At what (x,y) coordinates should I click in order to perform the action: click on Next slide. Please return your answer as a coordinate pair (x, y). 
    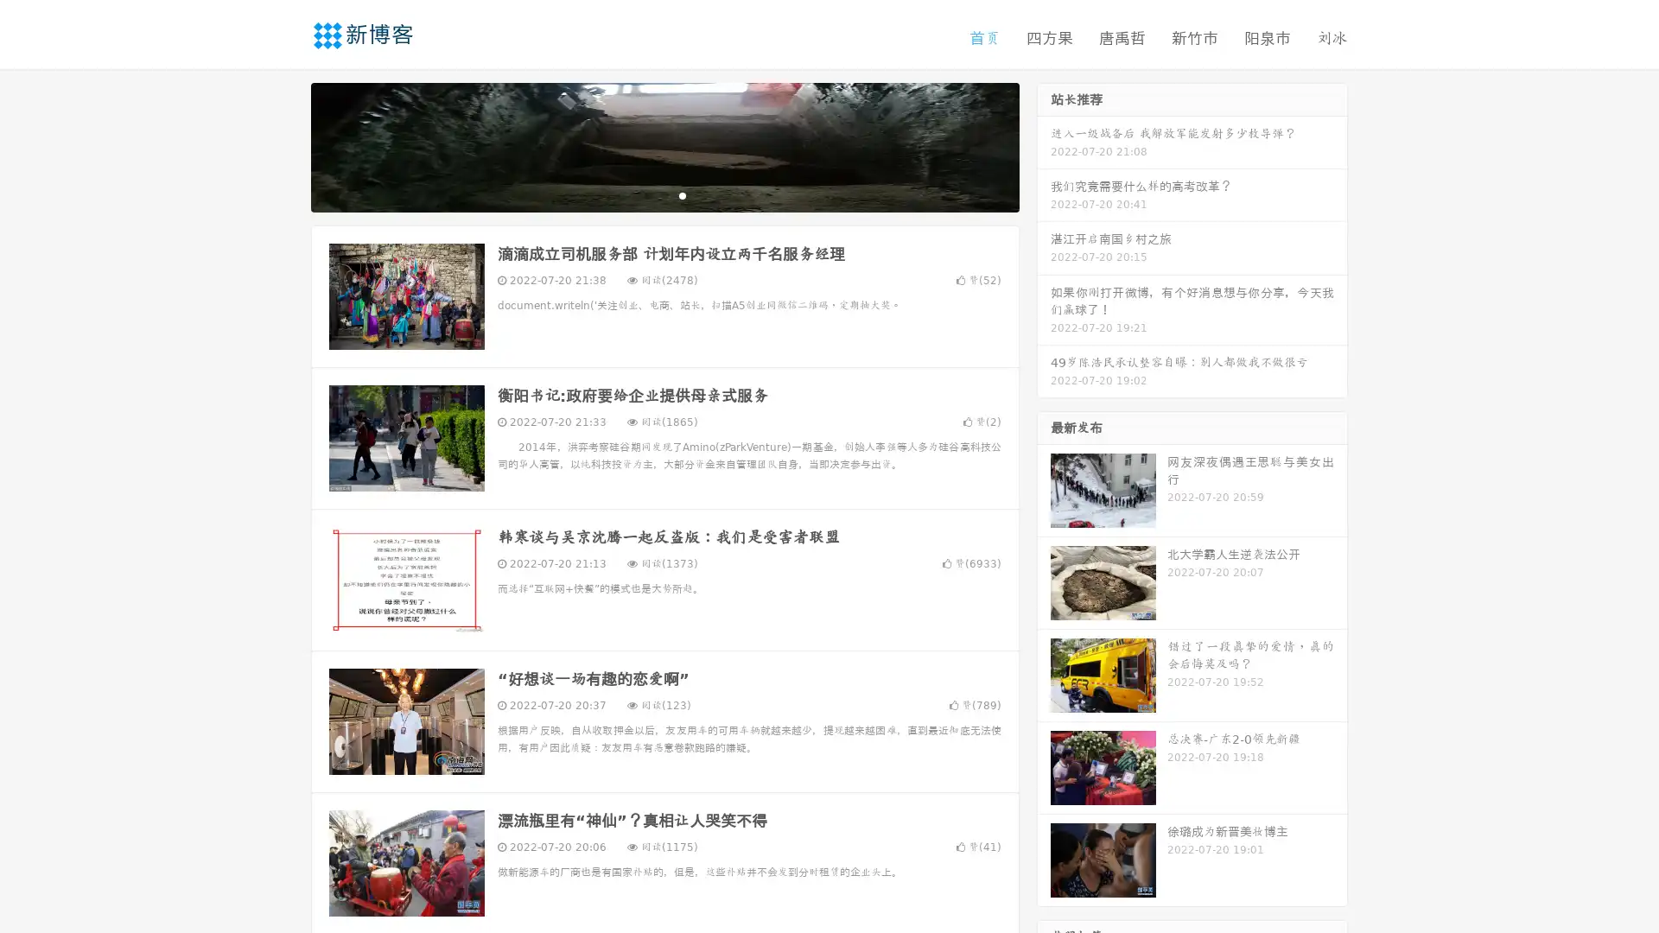
    Looking at the image, I should click on (1044, 145).